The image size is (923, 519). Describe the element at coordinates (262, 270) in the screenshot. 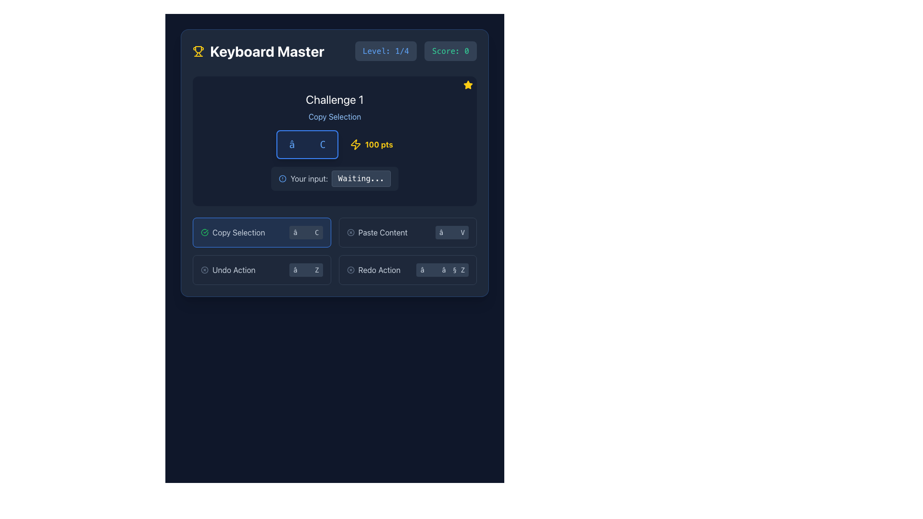

I see `the 'Undo Action' informational panel, which features a dark background, light borders, and displays 'Undo Action' on the left and '⌘ Z' on the right` at that location.